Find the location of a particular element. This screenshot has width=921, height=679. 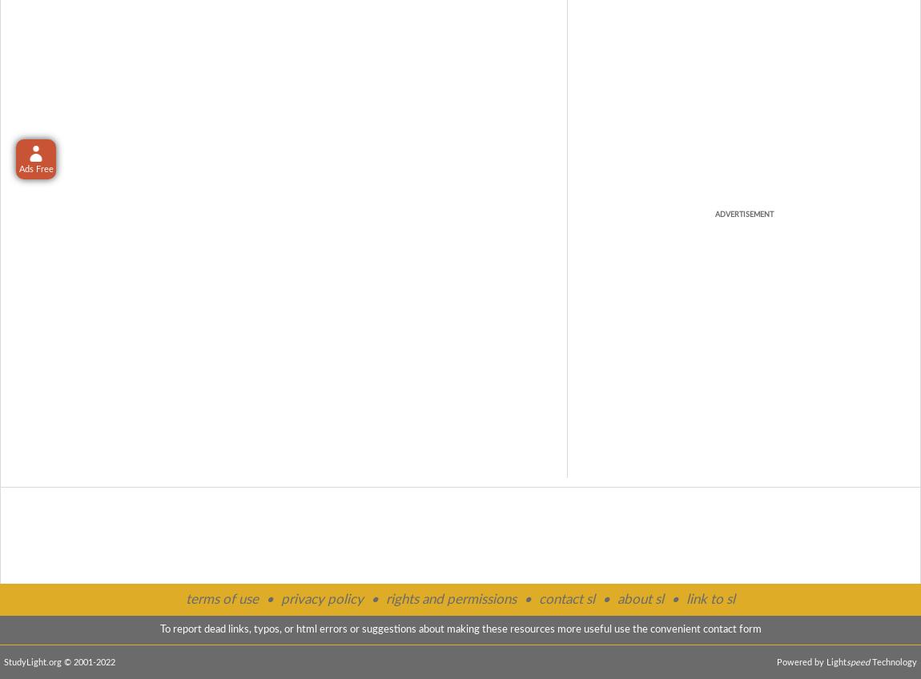

'Technology' is located at coordinates (893, 662).